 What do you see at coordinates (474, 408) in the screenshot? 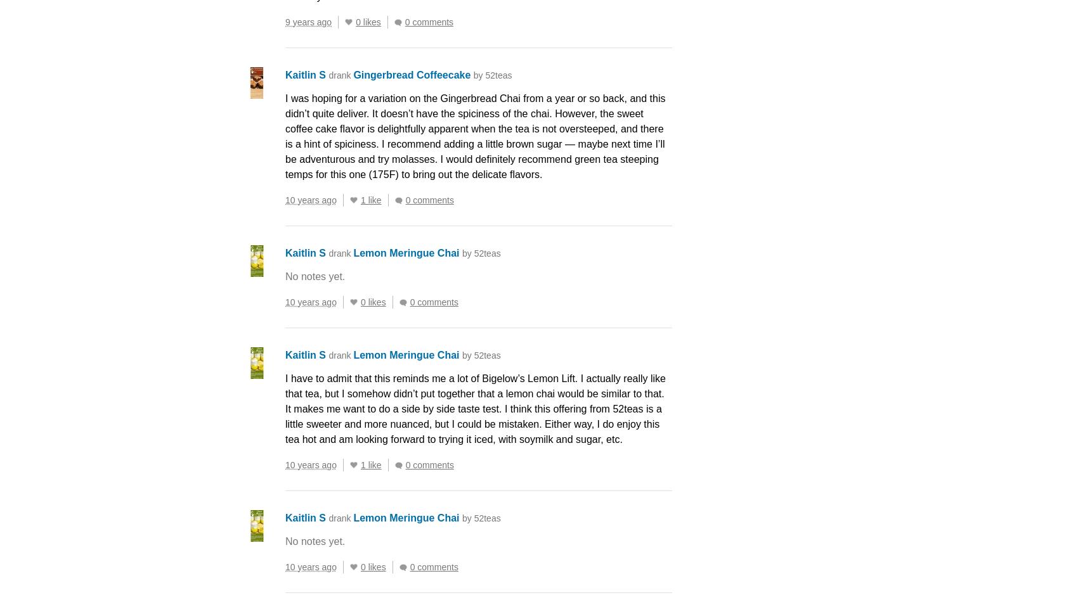
I see `'I have to admit that this reminds me a lot of Bigelow’s Lemon Lift. I actually really like that tea, but I somehow didn’t put together that a lemon chai would be similar to that. It makes me want to do a side by side taste test. I think this offering from 52teas is a little sweeter and more nuanced, but I could be mistaken. Either way, I do enjoy this tea hot and am looking forward to trying it iced, with soymilk and sugar, etc.'` at bounding box center [474, 408].